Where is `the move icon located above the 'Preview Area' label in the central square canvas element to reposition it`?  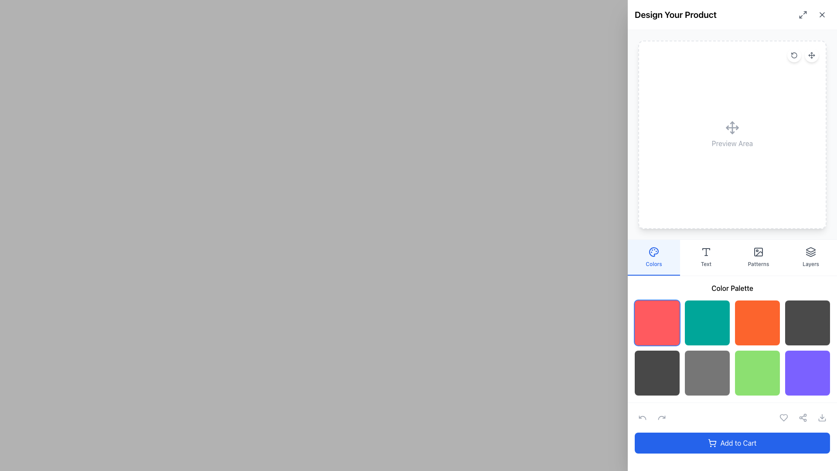
the move icon located above the 'Preview Area' label in the central square canvas element to reposition it is located at coordinates (732, 134).